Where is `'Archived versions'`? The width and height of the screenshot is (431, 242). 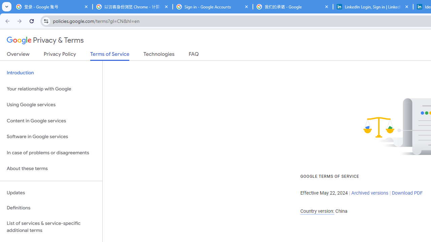 'Archived versions' is located at coordinates (369, 193).